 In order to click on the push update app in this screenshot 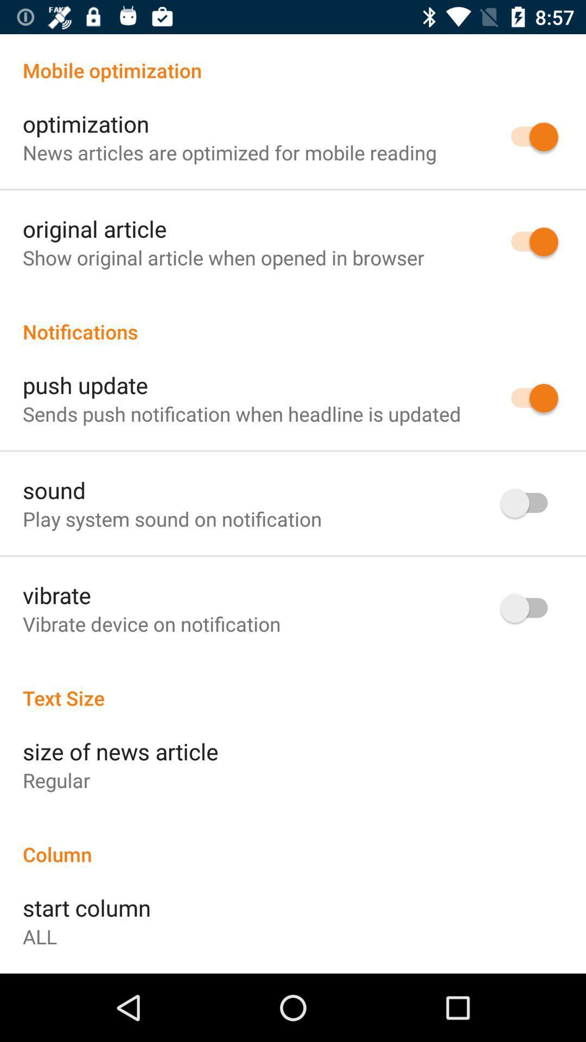, I will do `click(85, 385)`.